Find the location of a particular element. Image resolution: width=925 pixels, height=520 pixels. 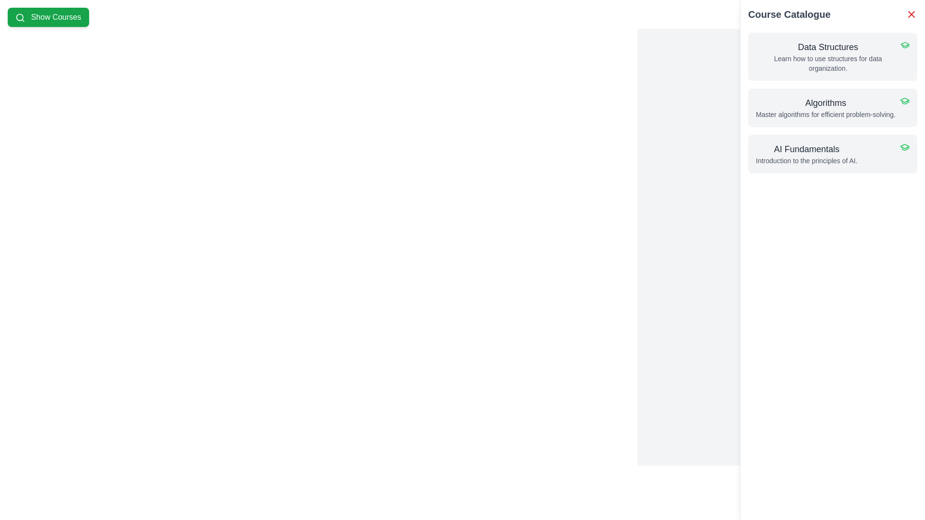

the green graduation cap icon located to the right of the 'AI Fundamentals' section in the course list is located at coordinates (904, 147).